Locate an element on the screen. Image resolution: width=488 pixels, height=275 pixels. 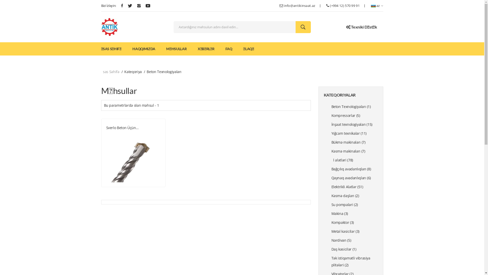
'info@antikinsaat.az' is located at coordinates (300, 6).